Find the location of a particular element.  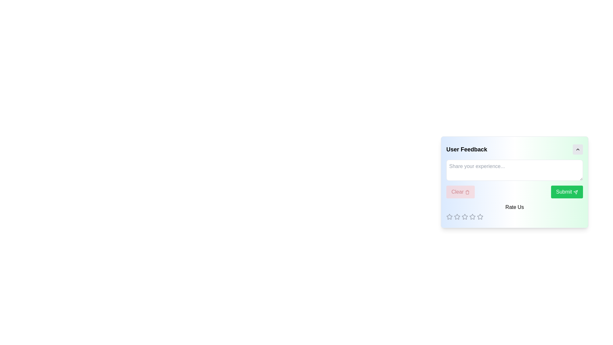

the sixth interactive rating star icon, which is styled with soft gray coloring in the feedback section is located at coordinates (472, 216).